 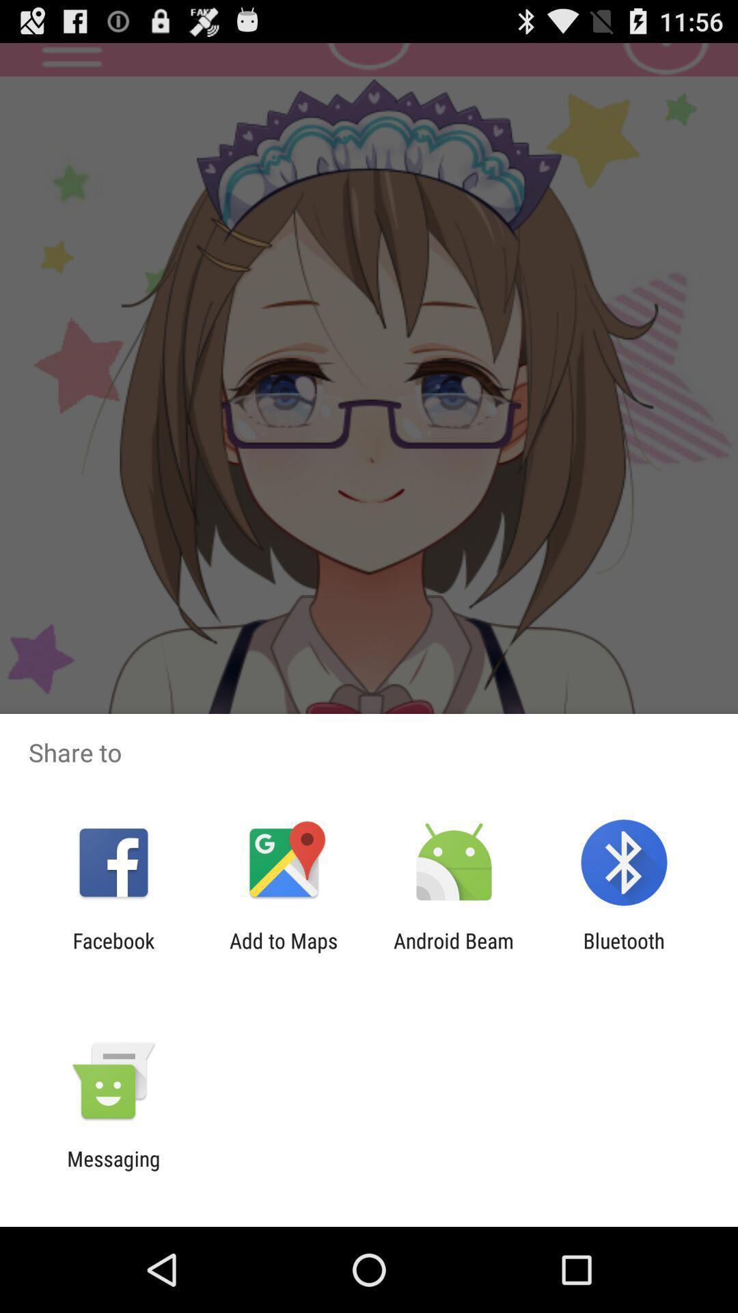 What do you see at coordinates (283, 952) in the screenshot?
I see `add to maps icon` at bounding box center [283, 952].